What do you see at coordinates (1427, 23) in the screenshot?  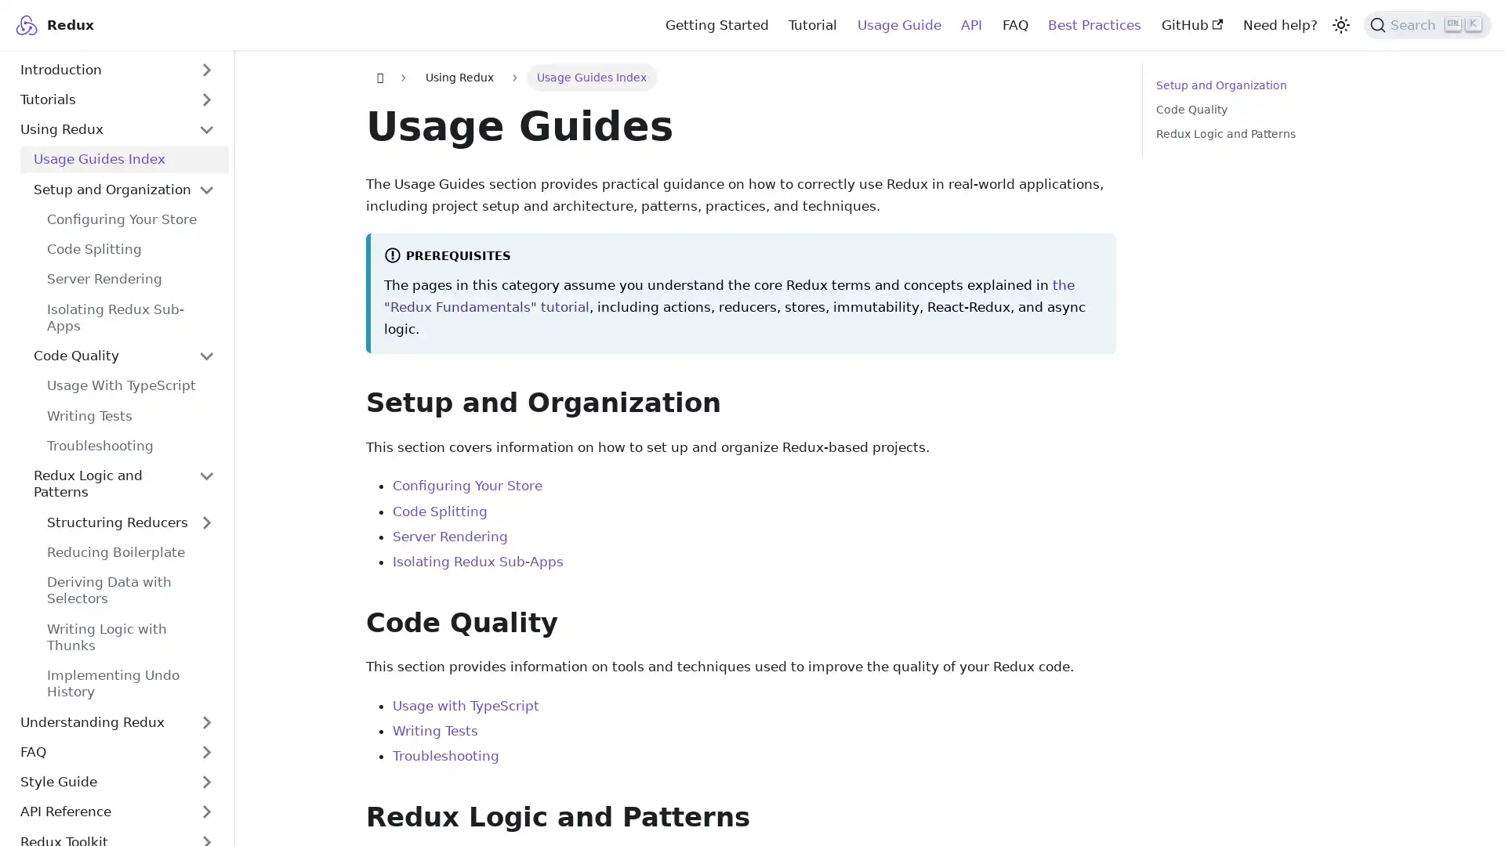 I see `Search` at bounding box center [1427, 23].